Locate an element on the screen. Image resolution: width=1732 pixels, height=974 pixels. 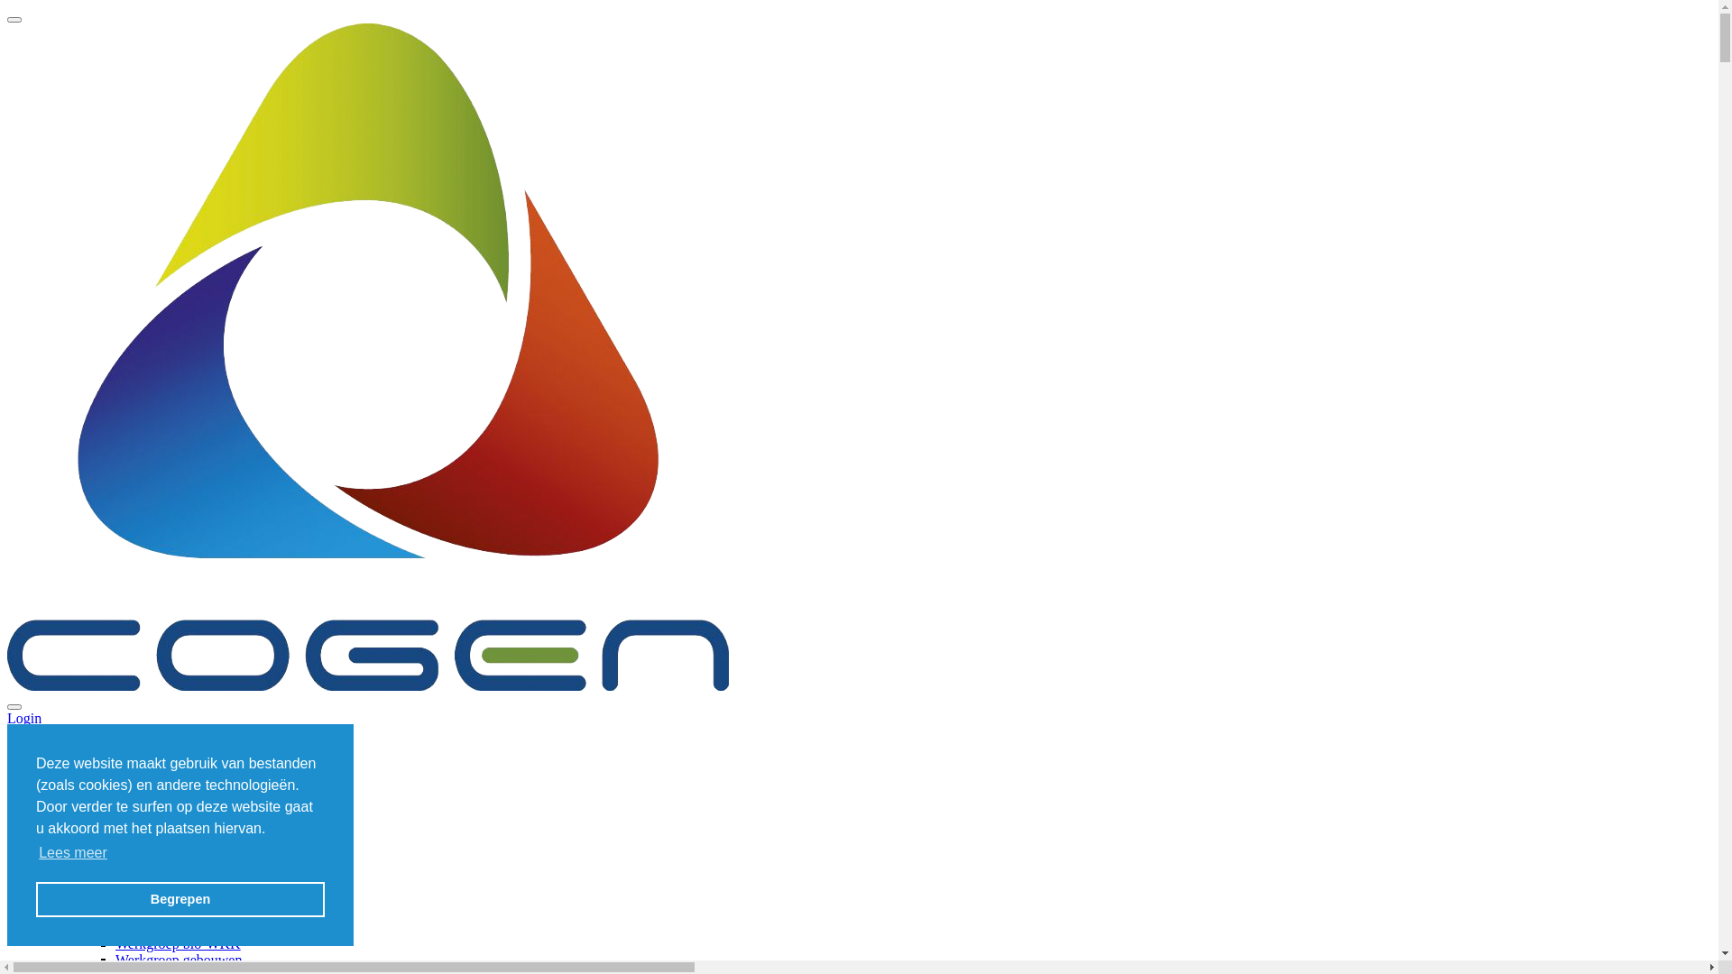
'Werkgroep gebouwen' is located at coordinates (178, 959).